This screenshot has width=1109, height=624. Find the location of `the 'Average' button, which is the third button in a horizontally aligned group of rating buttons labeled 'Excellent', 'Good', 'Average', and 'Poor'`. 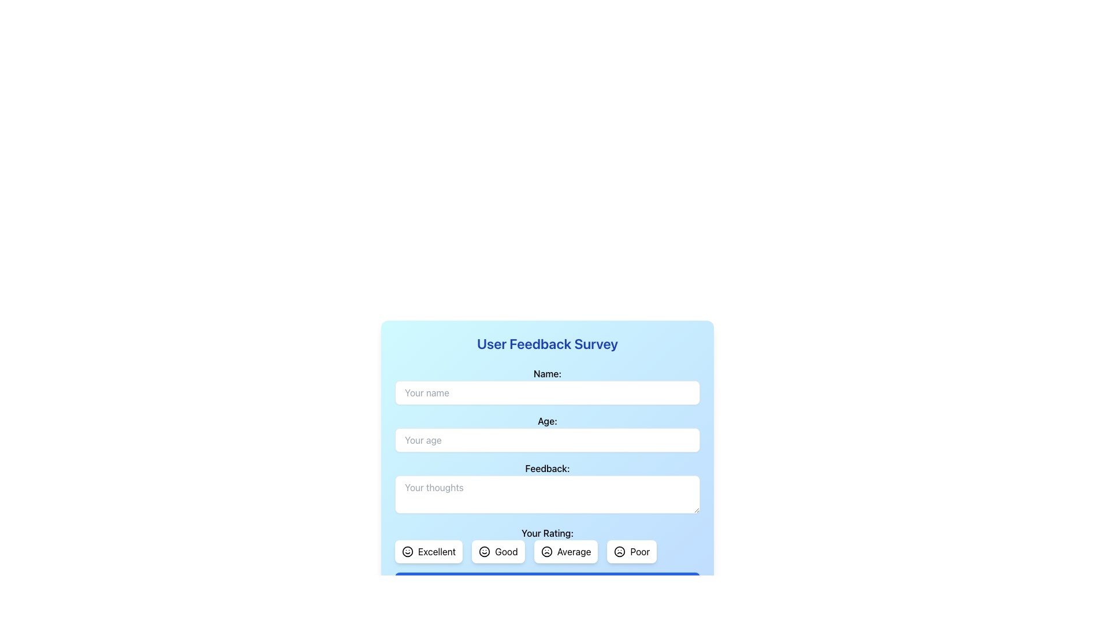

the 'Average' button, which is the third button in a horizontally aligned group of rating buttons labeled 'Excellent', 'Good', 'Average', and 'Poor' is located at coordinates (574, 551).